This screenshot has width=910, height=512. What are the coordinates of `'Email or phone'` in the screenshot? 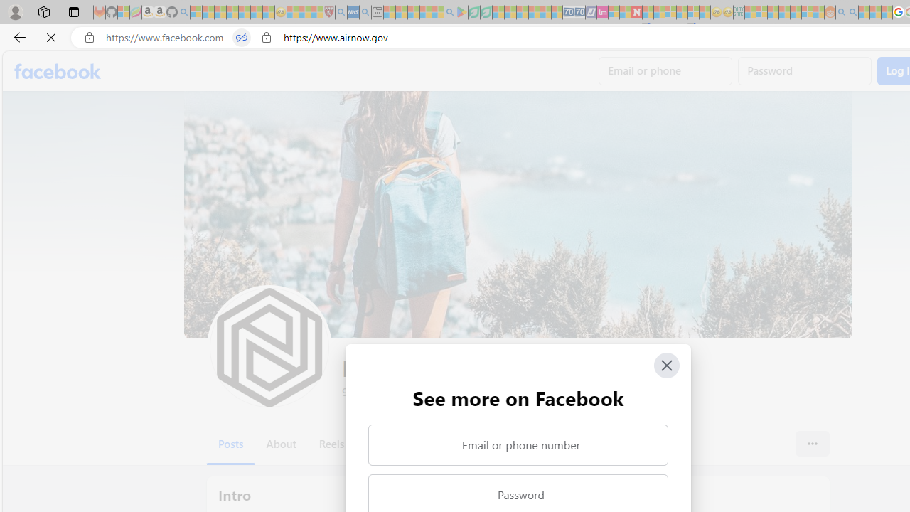 It's located at (665, 71).